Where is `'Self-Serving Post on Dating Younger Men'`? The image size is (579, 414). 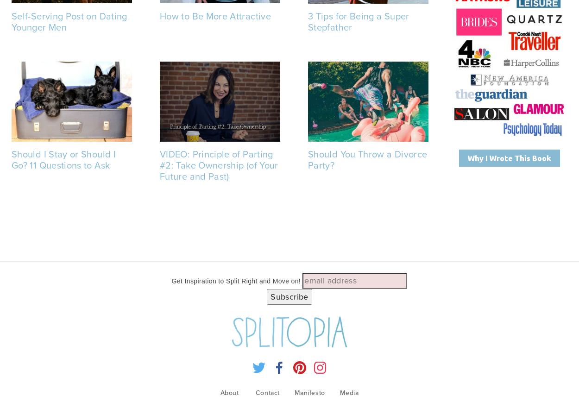
'Self-Serving Post on Dating Younger Men' is located at coordinates (69, 21).